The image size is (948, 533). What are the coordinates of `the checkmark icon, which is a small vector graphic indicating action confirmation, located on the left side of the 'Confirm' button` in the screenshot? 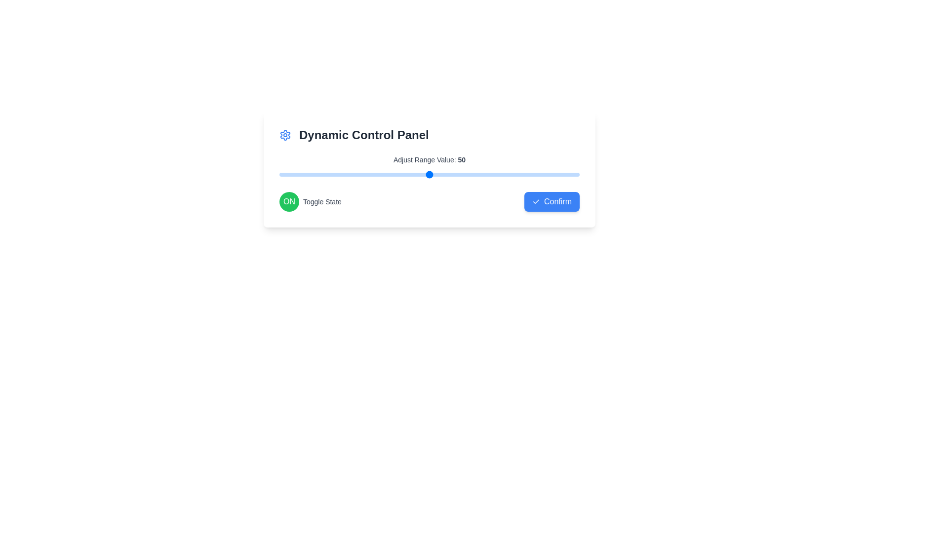 It's located at (535, 201).